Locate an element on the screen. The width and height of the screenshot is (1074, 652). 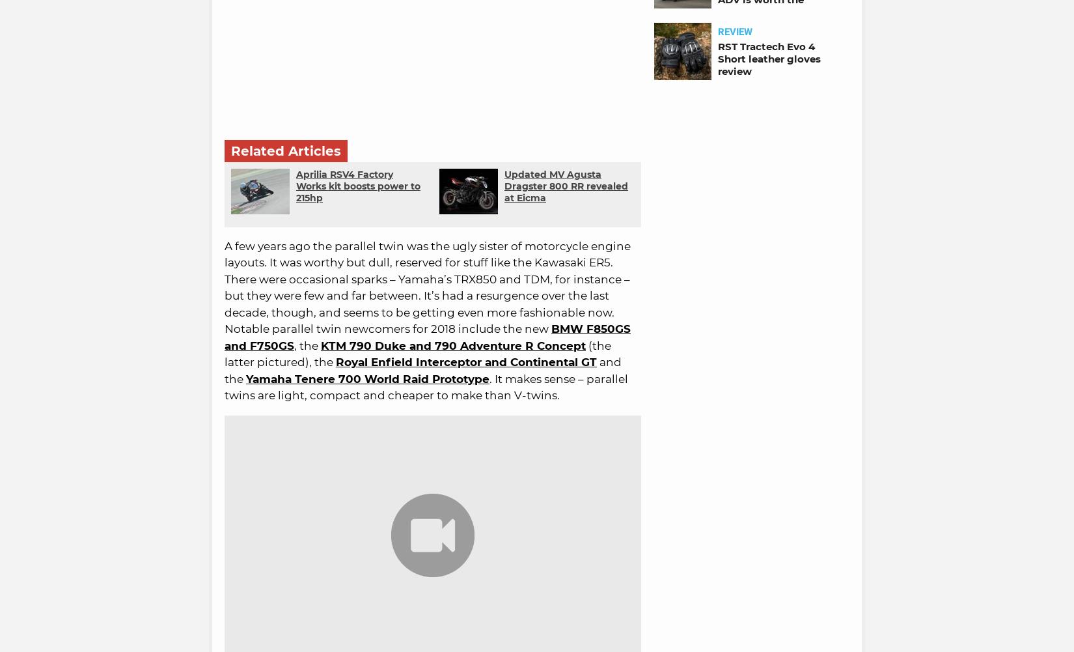
'Review' is located at coordinates (735, 31).